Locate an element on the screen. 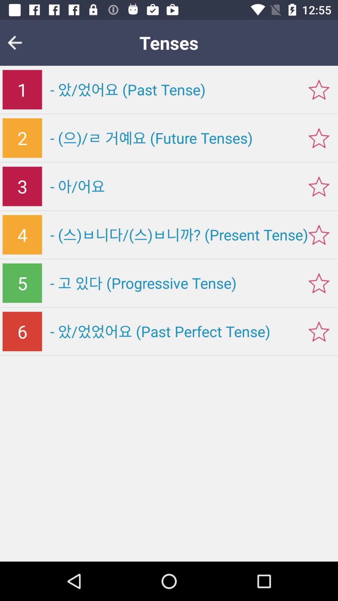 The image size is (338, 601). the 6 is located at coordinates (22, 331).